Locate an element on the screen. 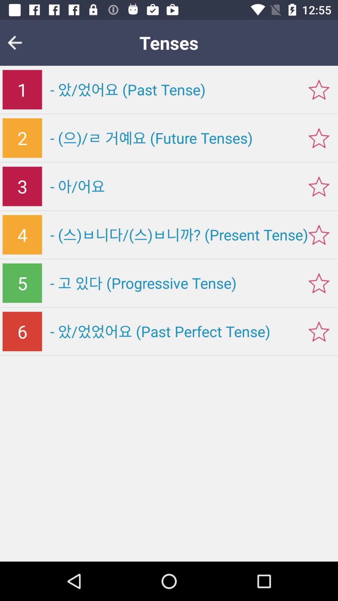 The image size is (338, 601). the 6 is located at coordinates (22, 331).